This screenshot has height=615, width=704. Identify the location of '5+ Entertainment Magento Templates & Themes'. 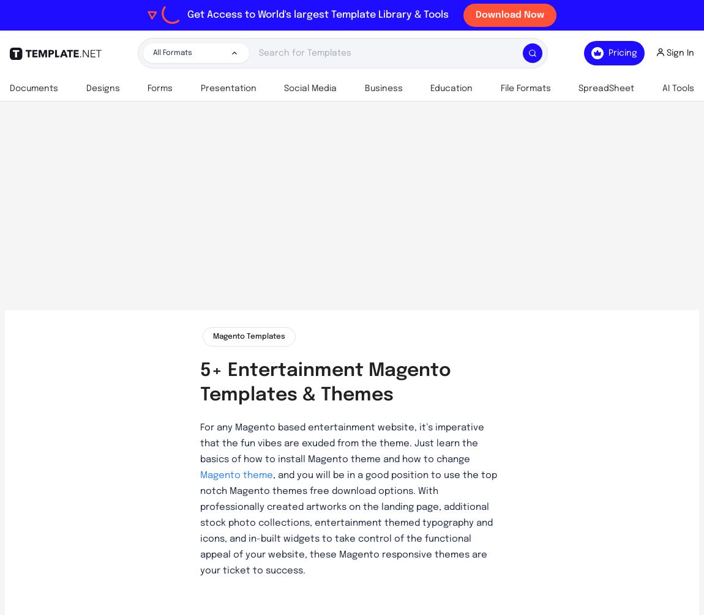
(325, 383).